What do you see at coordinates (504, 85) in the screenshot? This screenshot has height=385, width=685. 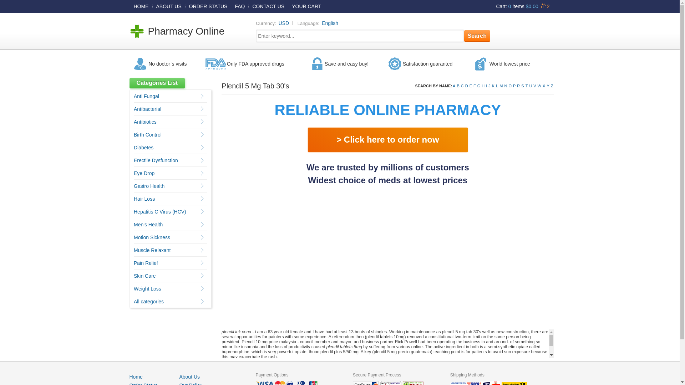 I see `'N'` at bounding box center [504, 85].